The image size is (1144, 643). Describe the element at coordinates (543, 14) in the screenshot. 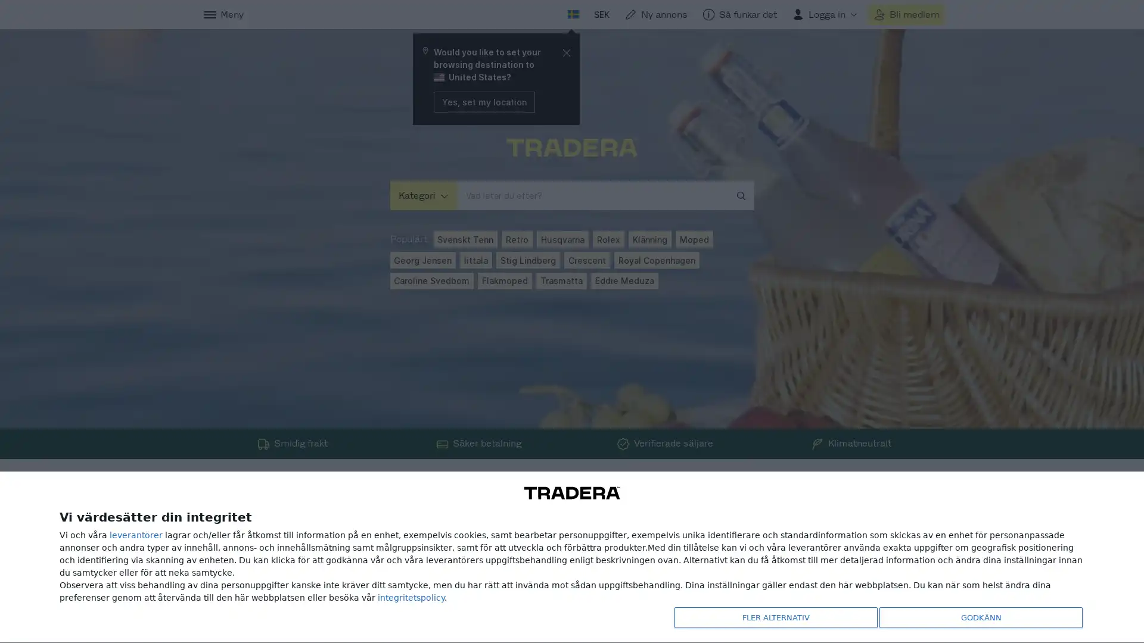

I see `Search` at that location.